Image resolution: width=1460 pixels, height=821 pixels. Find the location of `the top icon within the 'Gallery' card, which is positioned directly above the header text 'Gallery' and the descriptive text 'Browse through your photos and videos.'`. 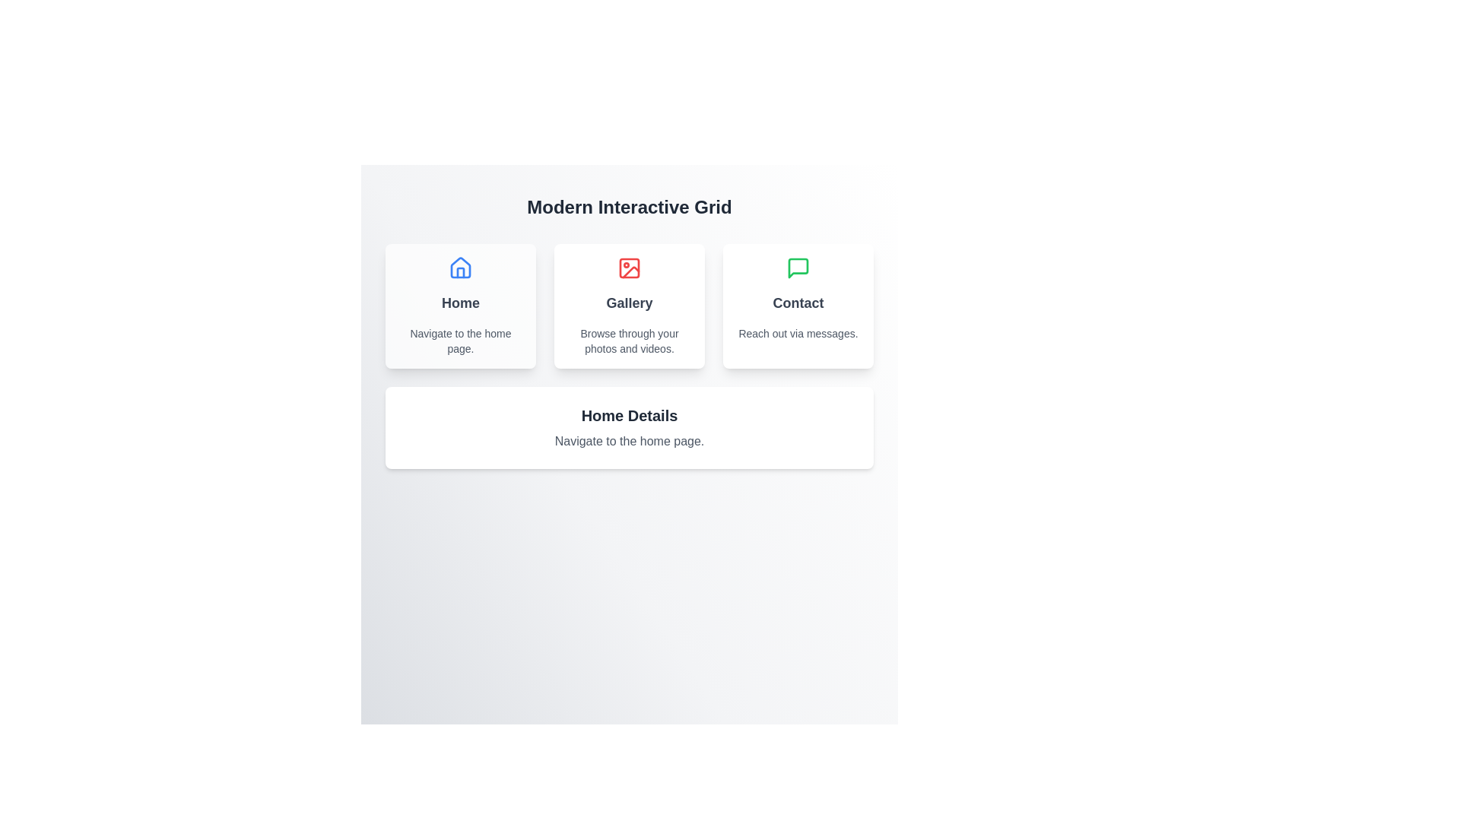

the top icon within the 'Gallery' card, which is positioned directly above the header text 'Gallery' and the descriptive text 'Browse through your photos and videos.' is located at coordinates (630, 268).